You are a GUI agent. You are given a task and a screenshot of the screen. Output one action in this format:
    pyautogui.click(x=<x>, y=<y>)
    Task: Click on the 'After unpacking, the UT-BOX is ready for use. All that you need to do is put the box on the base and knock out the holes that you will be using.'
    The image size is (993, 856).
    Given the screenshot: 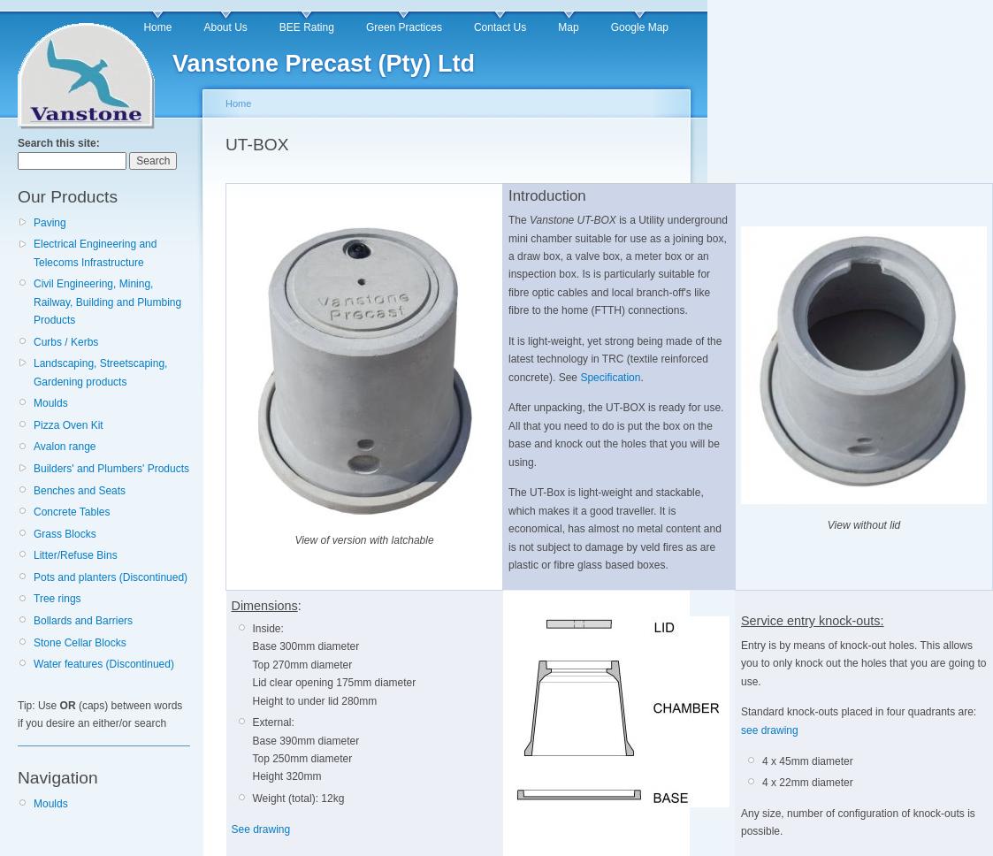 What is the action you would take?
    pyautogui.click(x=615, y=434)
    